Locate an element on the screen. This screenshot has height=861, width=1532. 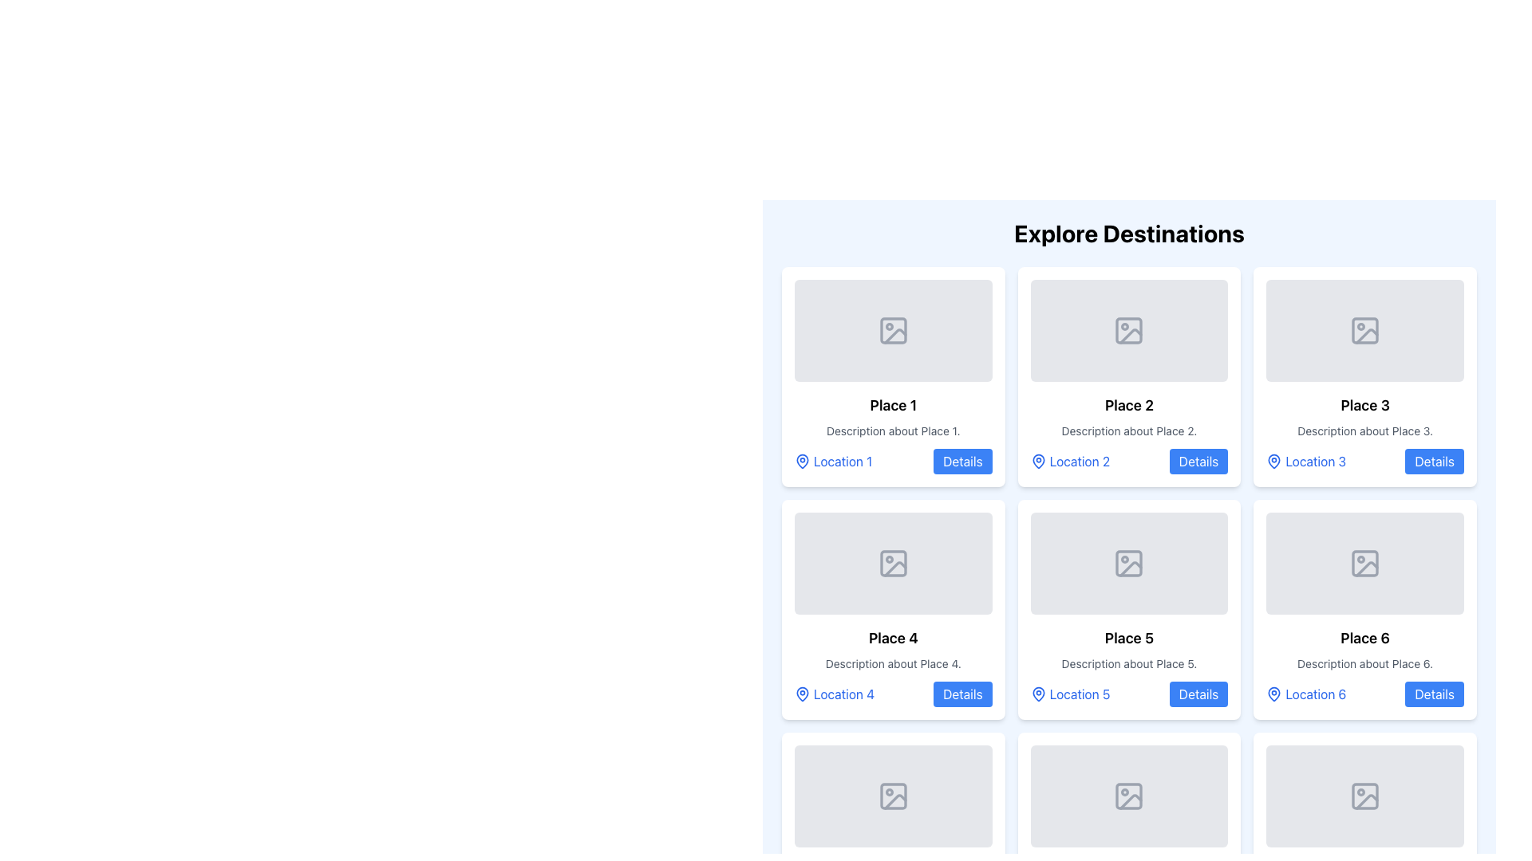
the 'Location 5' text label with the adjacent map pin icon, which is located in the lower-left corner of the 'Place 5' card is located at coordinates (1070, 694).